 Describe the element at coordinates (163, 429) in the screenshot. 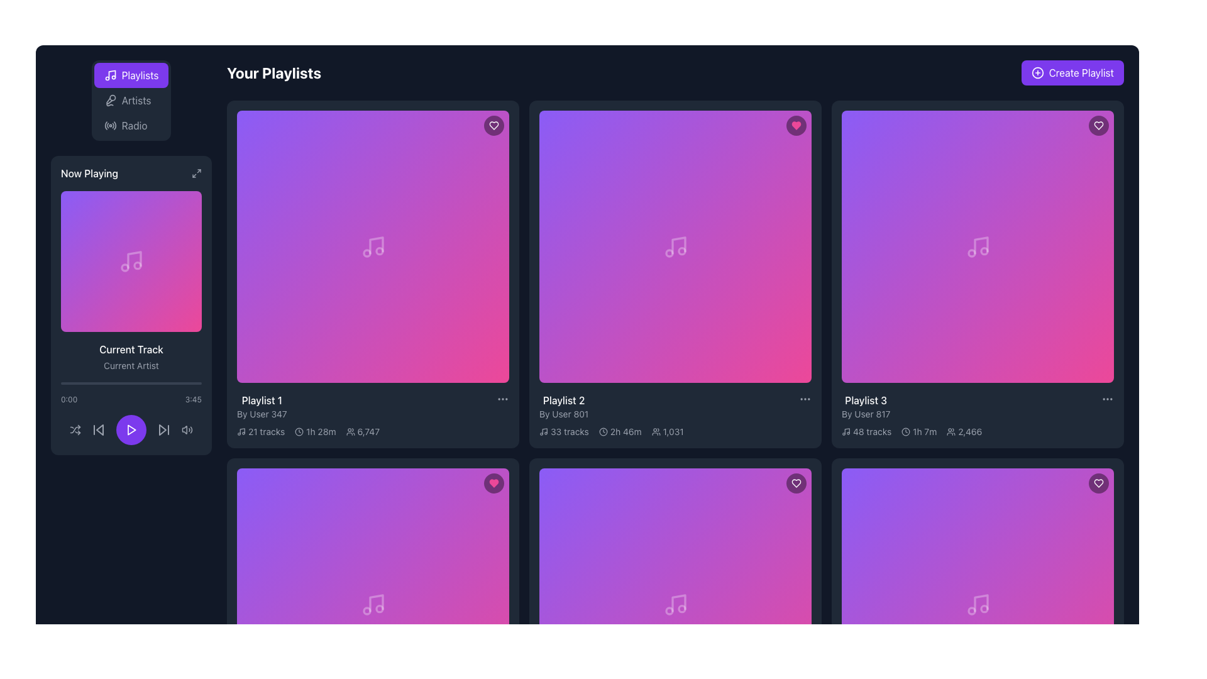

I see `the 'Skip Forward' button located in the control panel underneath the 'Now Playing' section, which is the rightmost icon in the row of playback controls` at that location.